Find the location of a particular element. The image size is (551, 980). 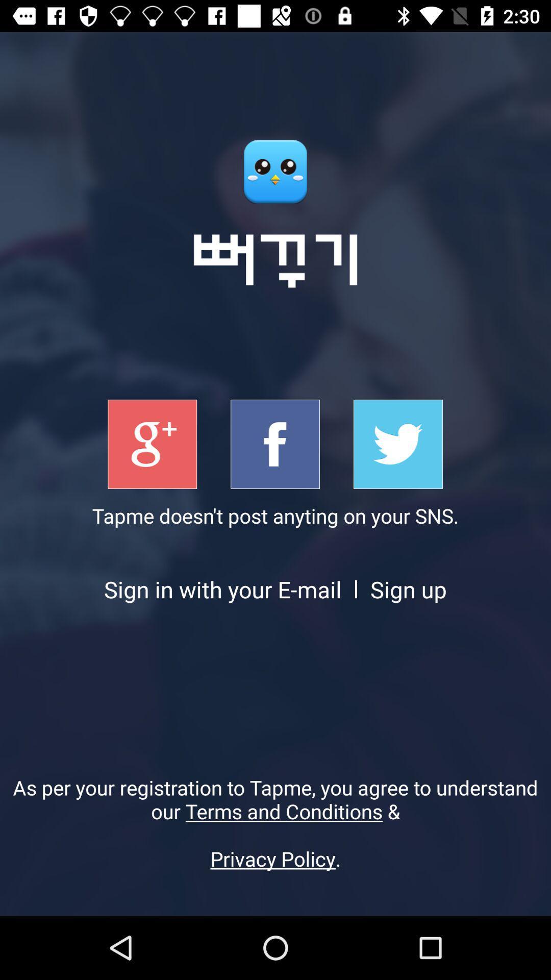

the group icon is located at coordinates (152, 444).